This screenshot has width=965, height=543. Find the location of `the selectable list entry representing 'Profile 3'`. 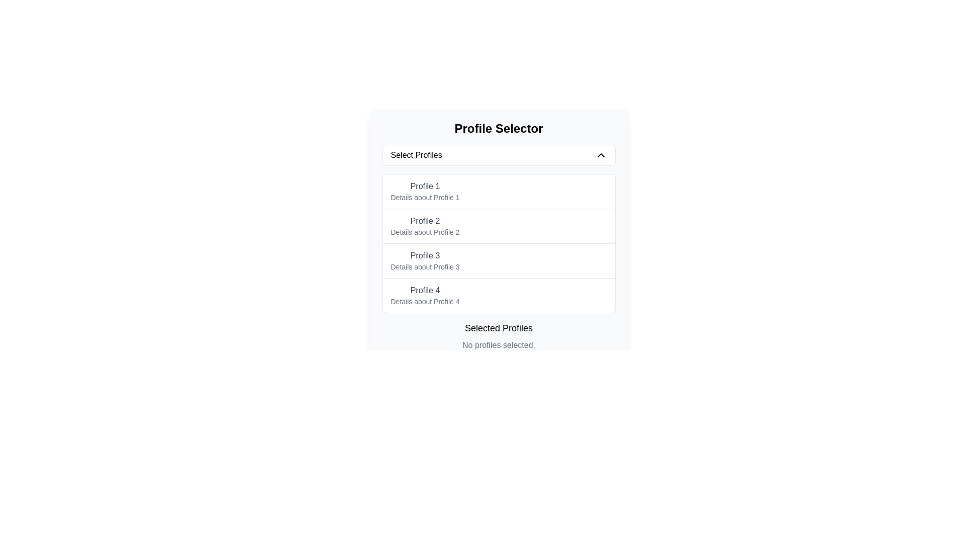

the selectable list entry representing 'Profile 3' is located at coordinates (499, 260).